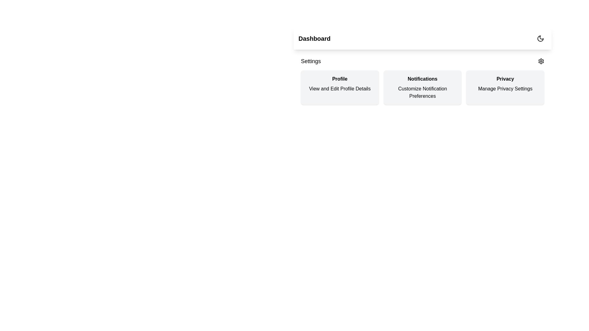  Describe the element at coordinates (339, 87) in the screenshot. I see `the 'Profile' card which is the first card in a grid layout, featuring a light gray background with rounded corners and displaying the text 'Profile' prominently in bold` at that location.